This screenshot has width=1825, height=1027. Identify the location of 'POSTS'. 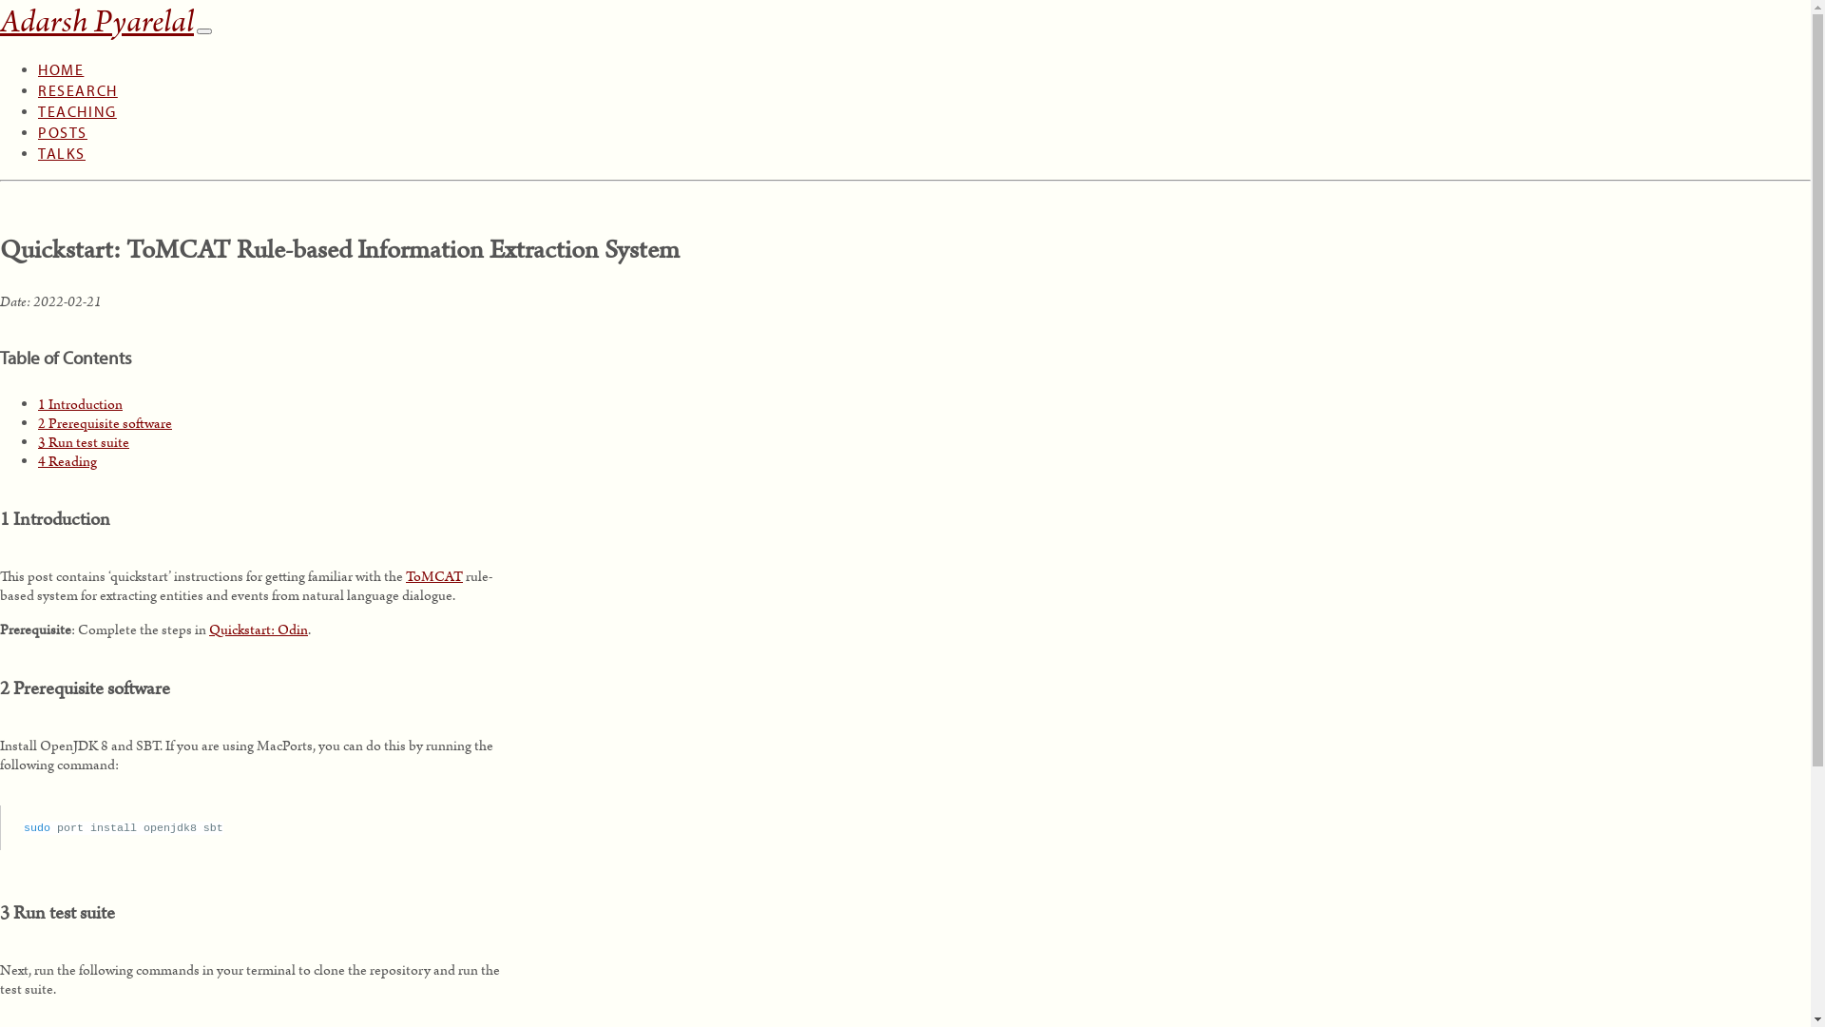
(37, 115).